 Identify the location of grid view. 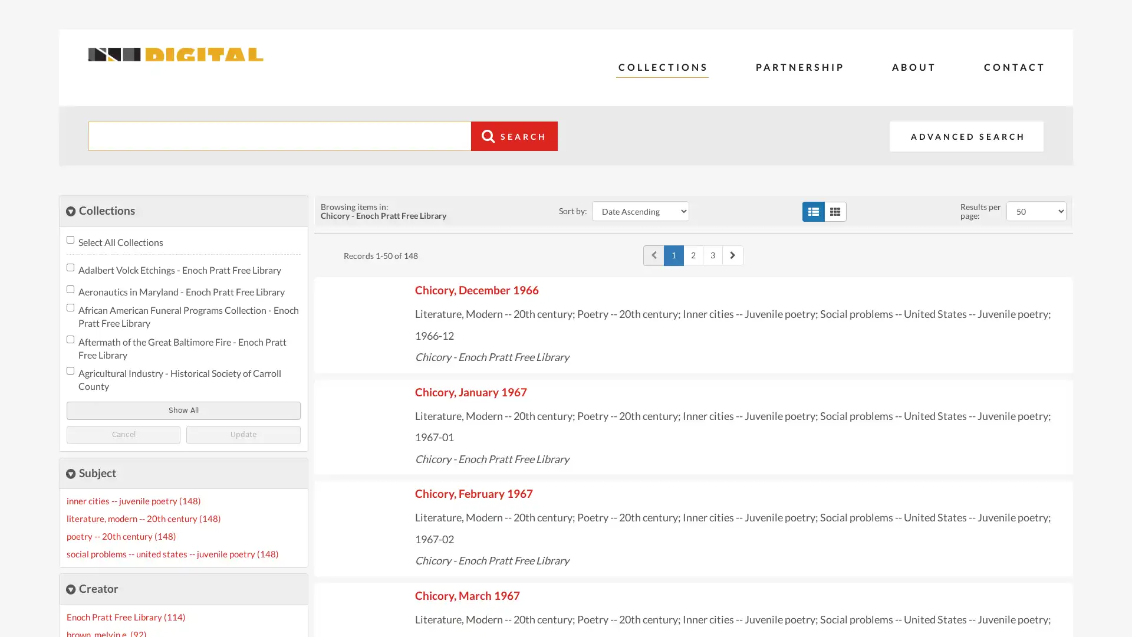
(834, 211).